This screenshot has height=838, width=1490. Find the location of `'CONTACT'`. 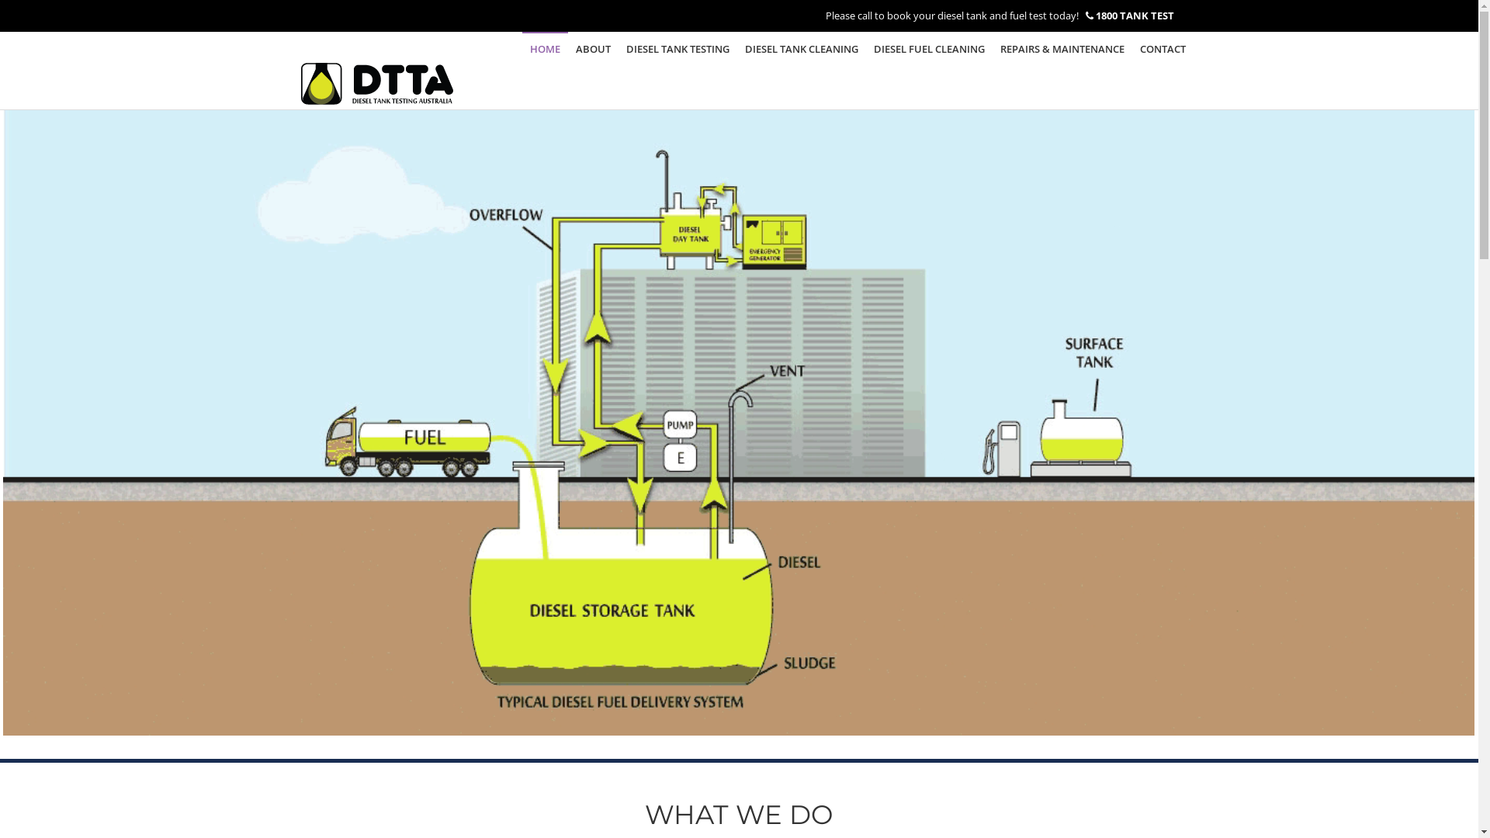

'CONTACT' is located at coordinates (1162, 47).